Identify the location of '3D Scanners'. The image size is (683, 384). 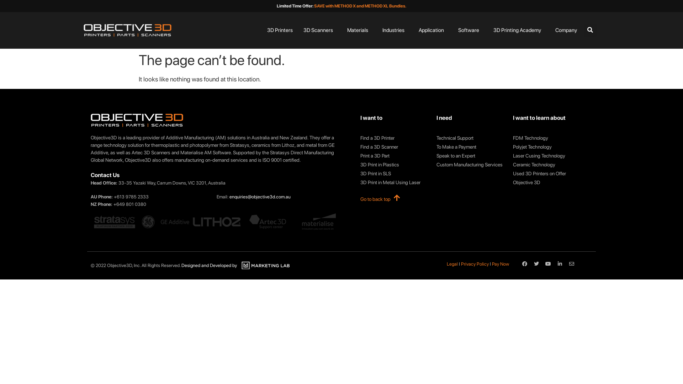
(317, 30).